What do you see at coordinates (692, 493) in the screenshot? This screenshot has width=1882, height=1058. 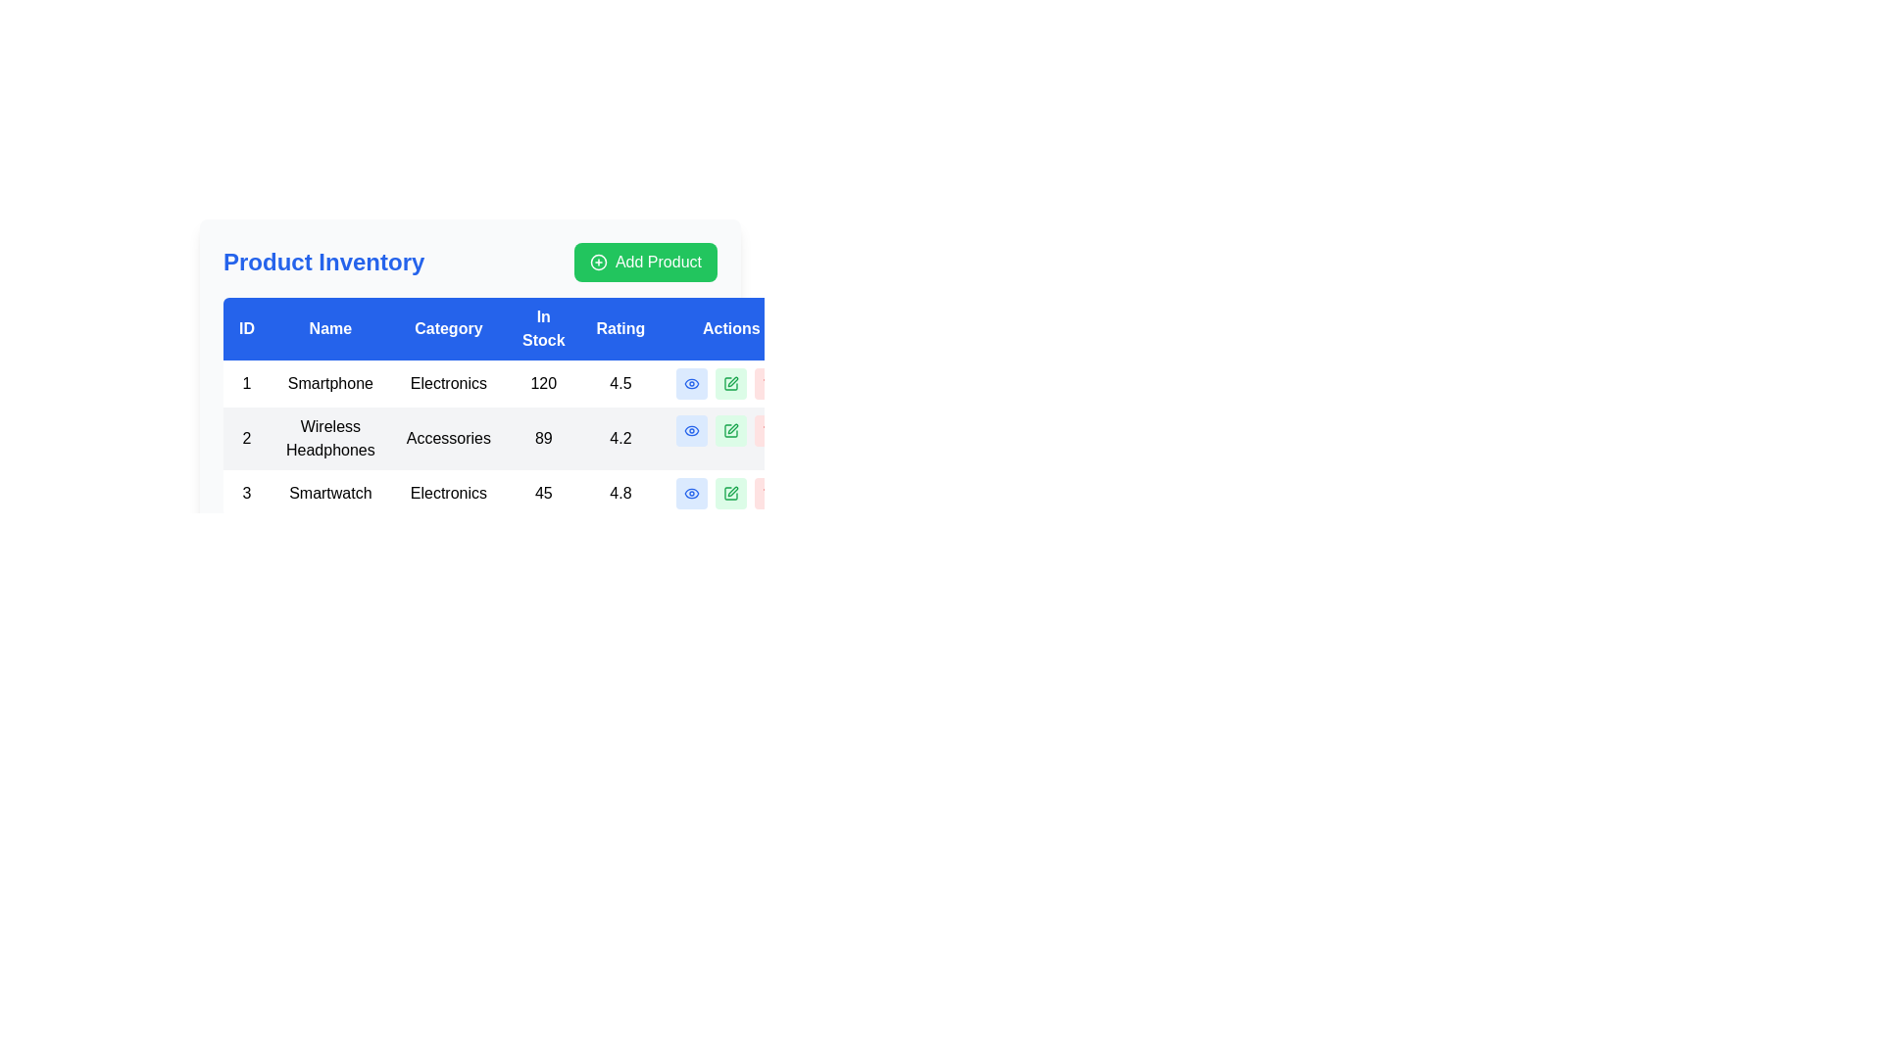 I see `the first button in the 'Actions' column of the third row of the table` at bounding box center [692, 493].